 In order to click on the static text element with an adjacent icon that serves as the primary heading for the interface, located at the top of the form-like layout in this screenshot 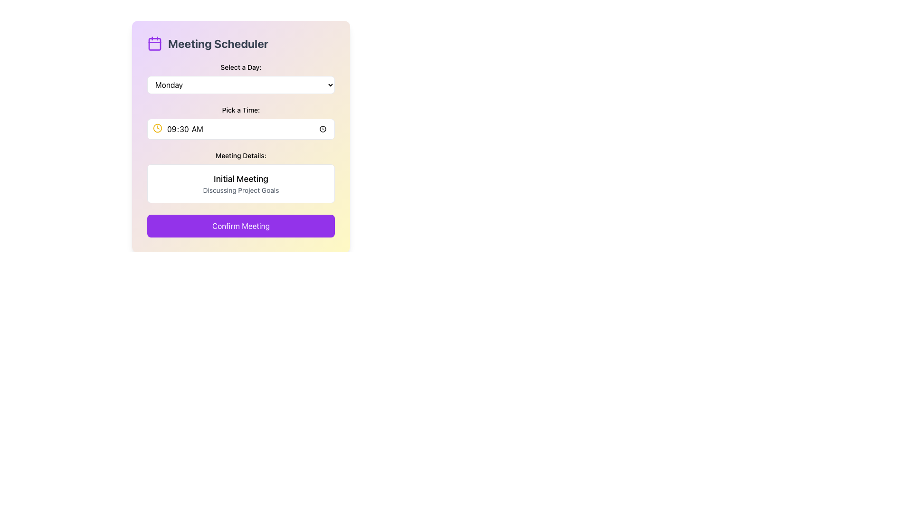, I will do `click(241, 44)`.